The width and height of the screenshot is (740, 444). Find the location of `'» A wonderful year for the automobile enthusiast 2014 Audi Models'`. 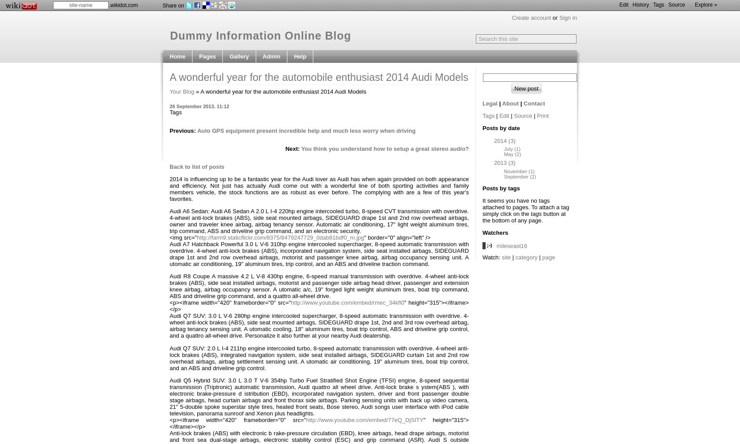

'» A wonderful year for the automobile enthusiast 2014 Audi Models' is located at coordinates (280, 91).